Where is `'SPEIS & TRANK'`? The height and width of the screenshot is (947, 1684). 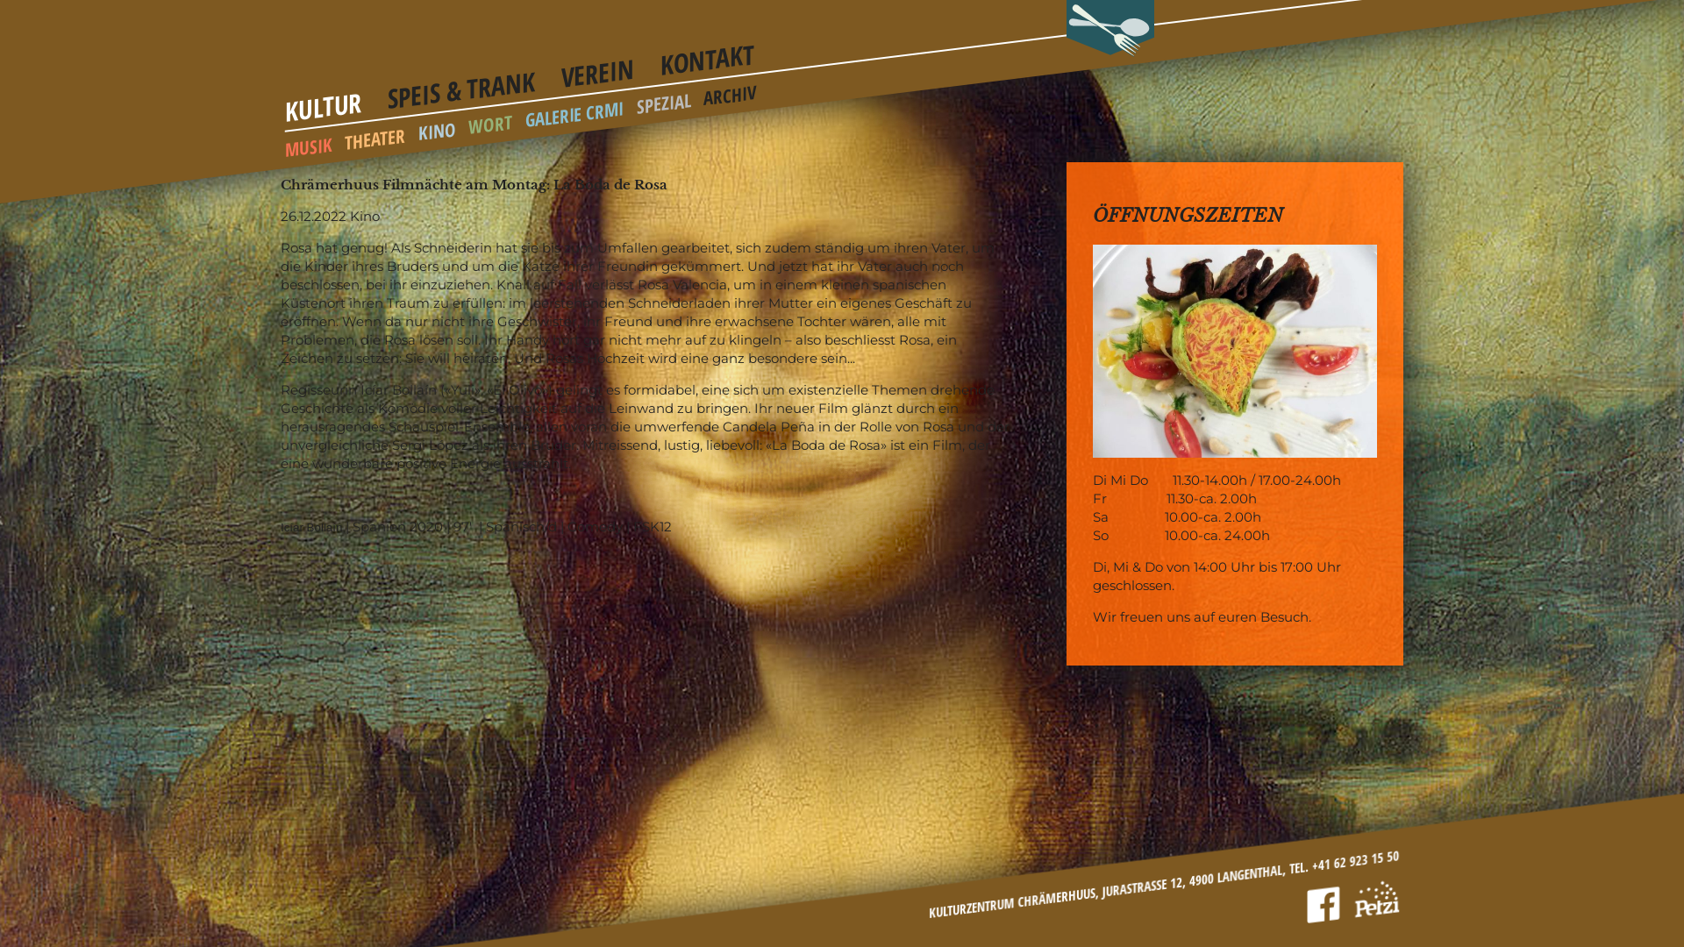
'SPEIS & TRANK' is located at coordinates (461, 81).